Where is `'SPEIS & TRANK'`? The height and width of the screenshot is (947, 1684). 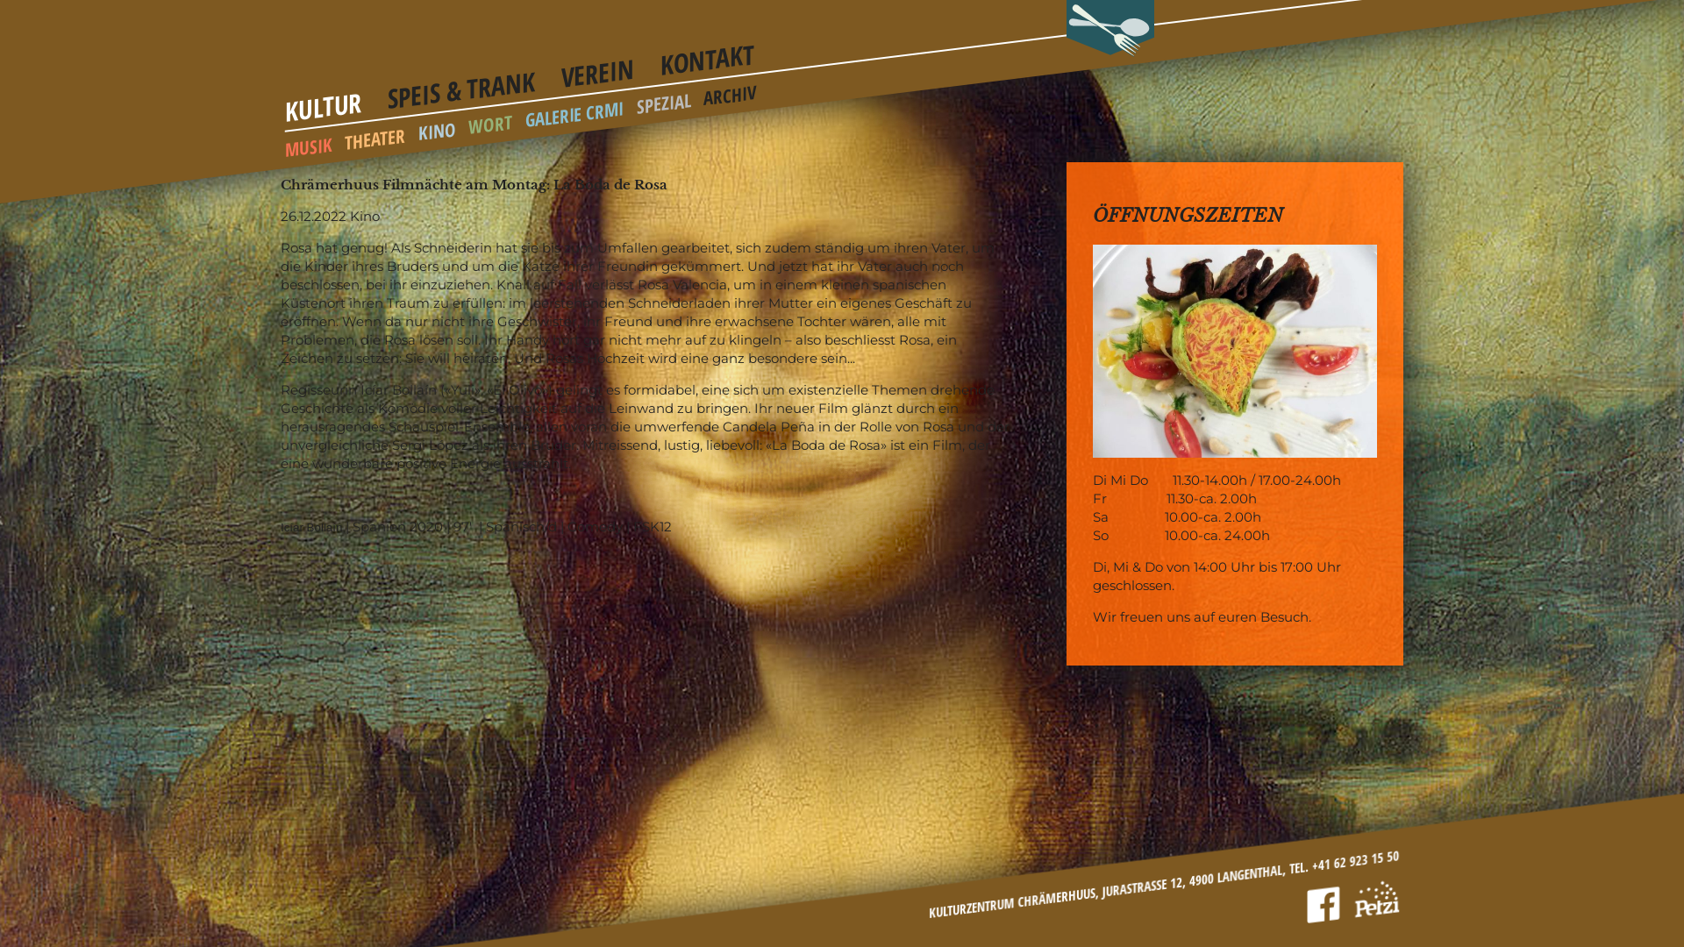
'SPEIS & TRANK' is located at coordinates (461, 81).